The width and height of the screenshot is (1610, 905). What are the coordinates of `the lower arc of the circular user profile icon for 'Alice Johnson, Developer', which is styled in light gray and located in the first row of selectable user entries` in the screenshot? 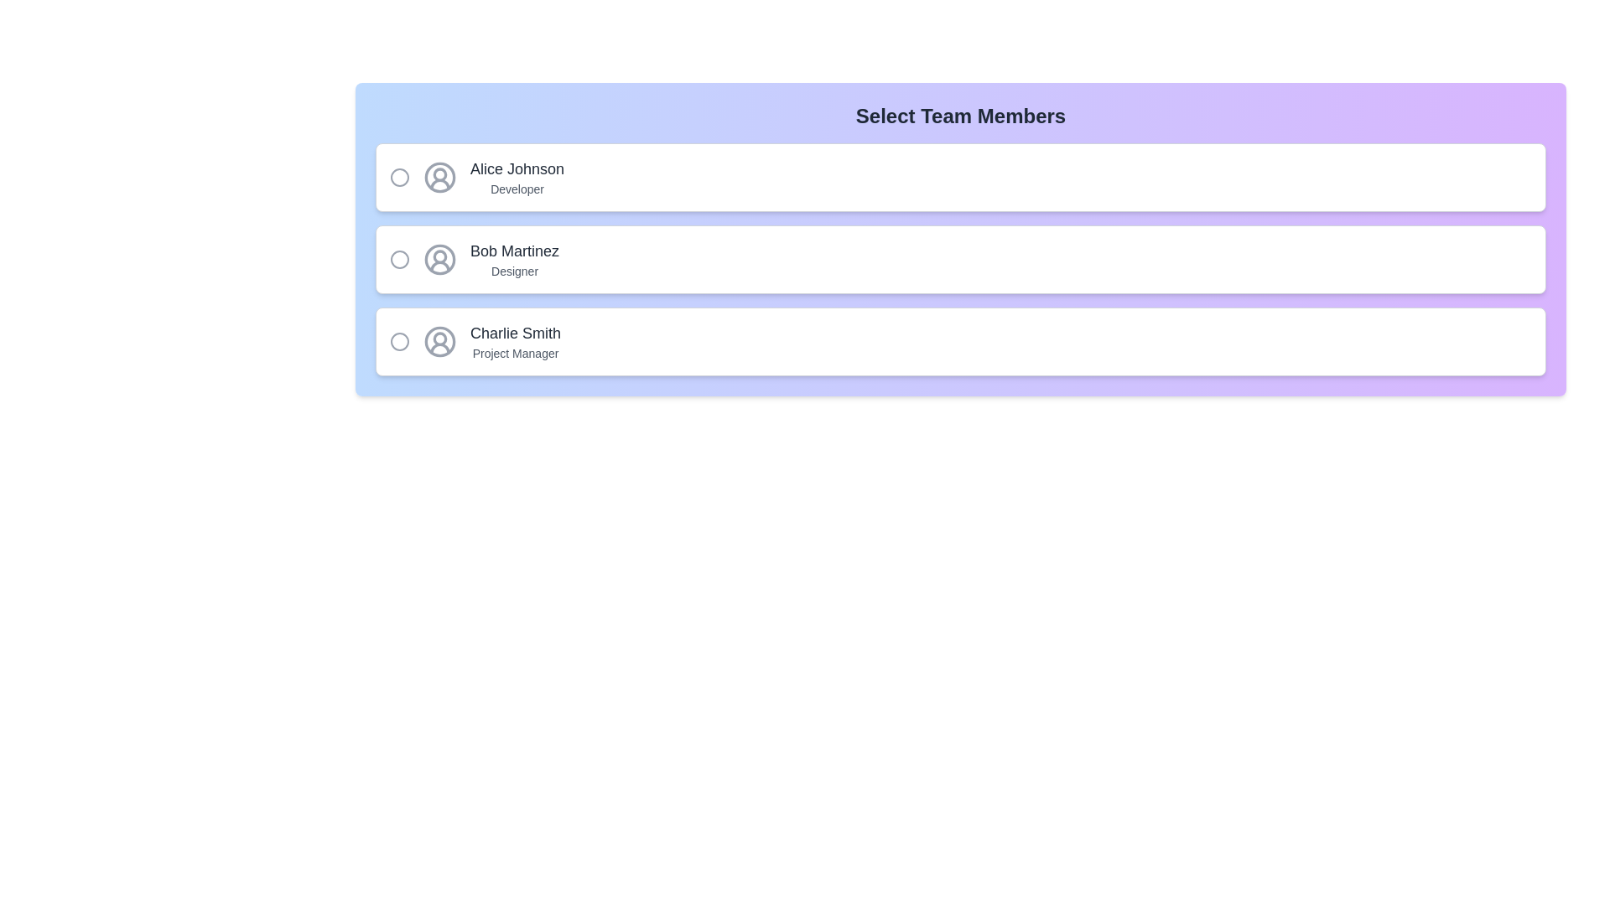 It's located at (439, 184).